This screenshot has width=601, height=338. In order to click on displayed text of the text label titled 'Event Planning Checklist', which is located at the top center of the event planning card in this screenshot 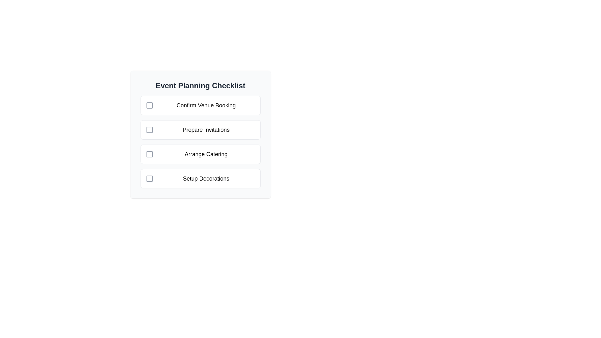, I will do `click(200, 85)`.